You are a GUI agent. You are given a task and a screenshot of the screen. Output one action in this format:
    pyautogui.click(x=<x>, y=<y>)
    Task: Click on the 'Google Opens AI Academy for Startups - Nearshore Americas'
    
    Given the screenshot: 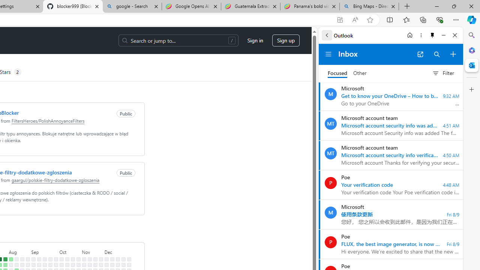 What is the action you would take?
    pyautogui.click(x=191, y=6)
    